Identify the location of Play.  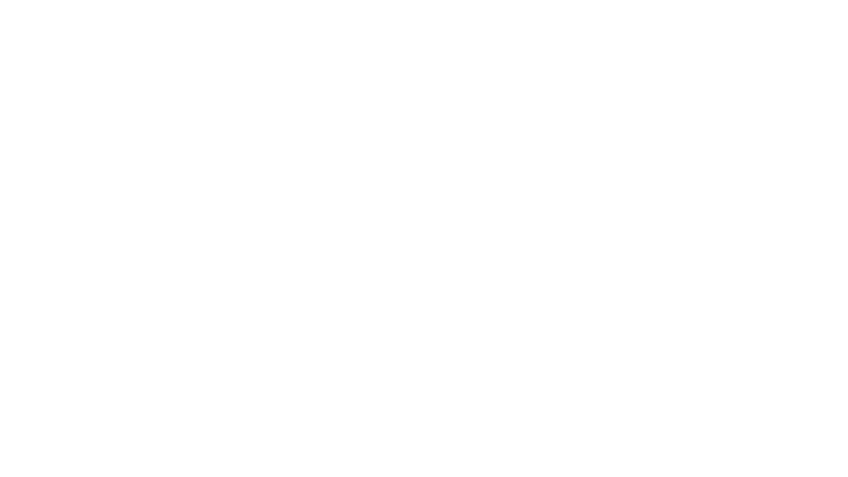
(249, 333).